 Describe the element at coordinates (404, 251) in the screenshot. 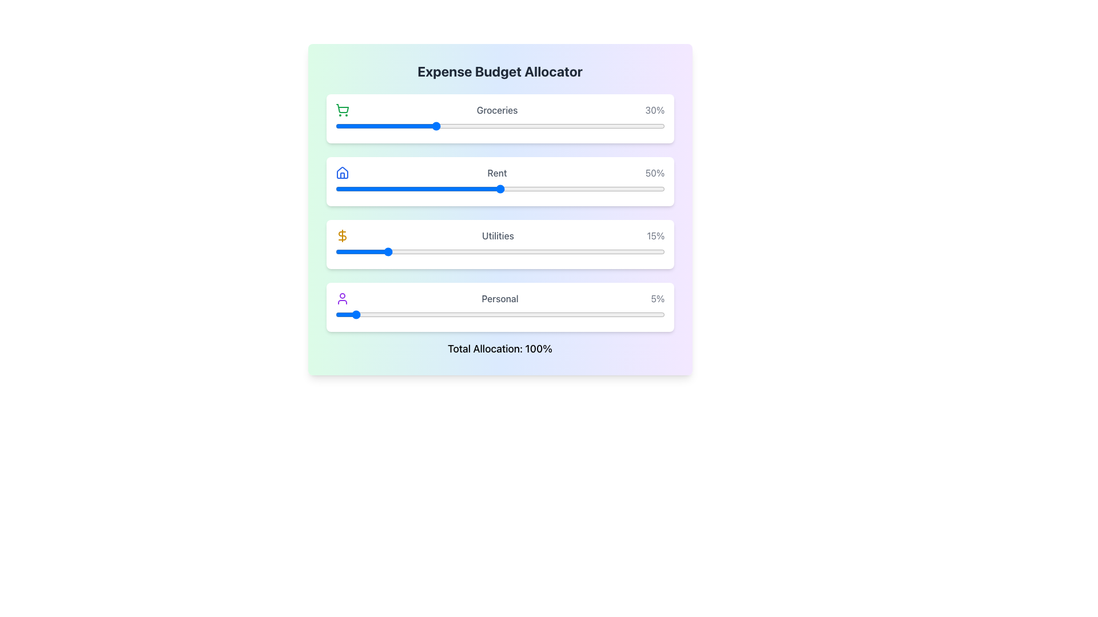

I see `the Utilities slider` at that location.